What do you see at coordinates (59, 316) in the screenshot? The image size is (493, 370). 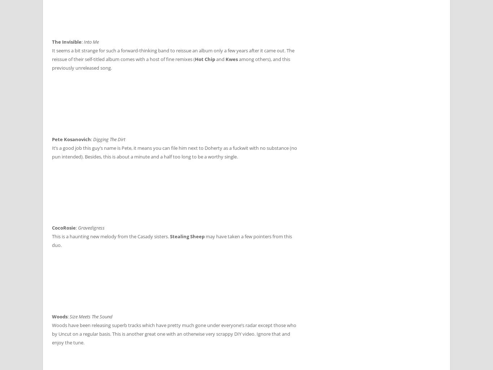 I see `'Woods'` at bounding box center [59, 316].